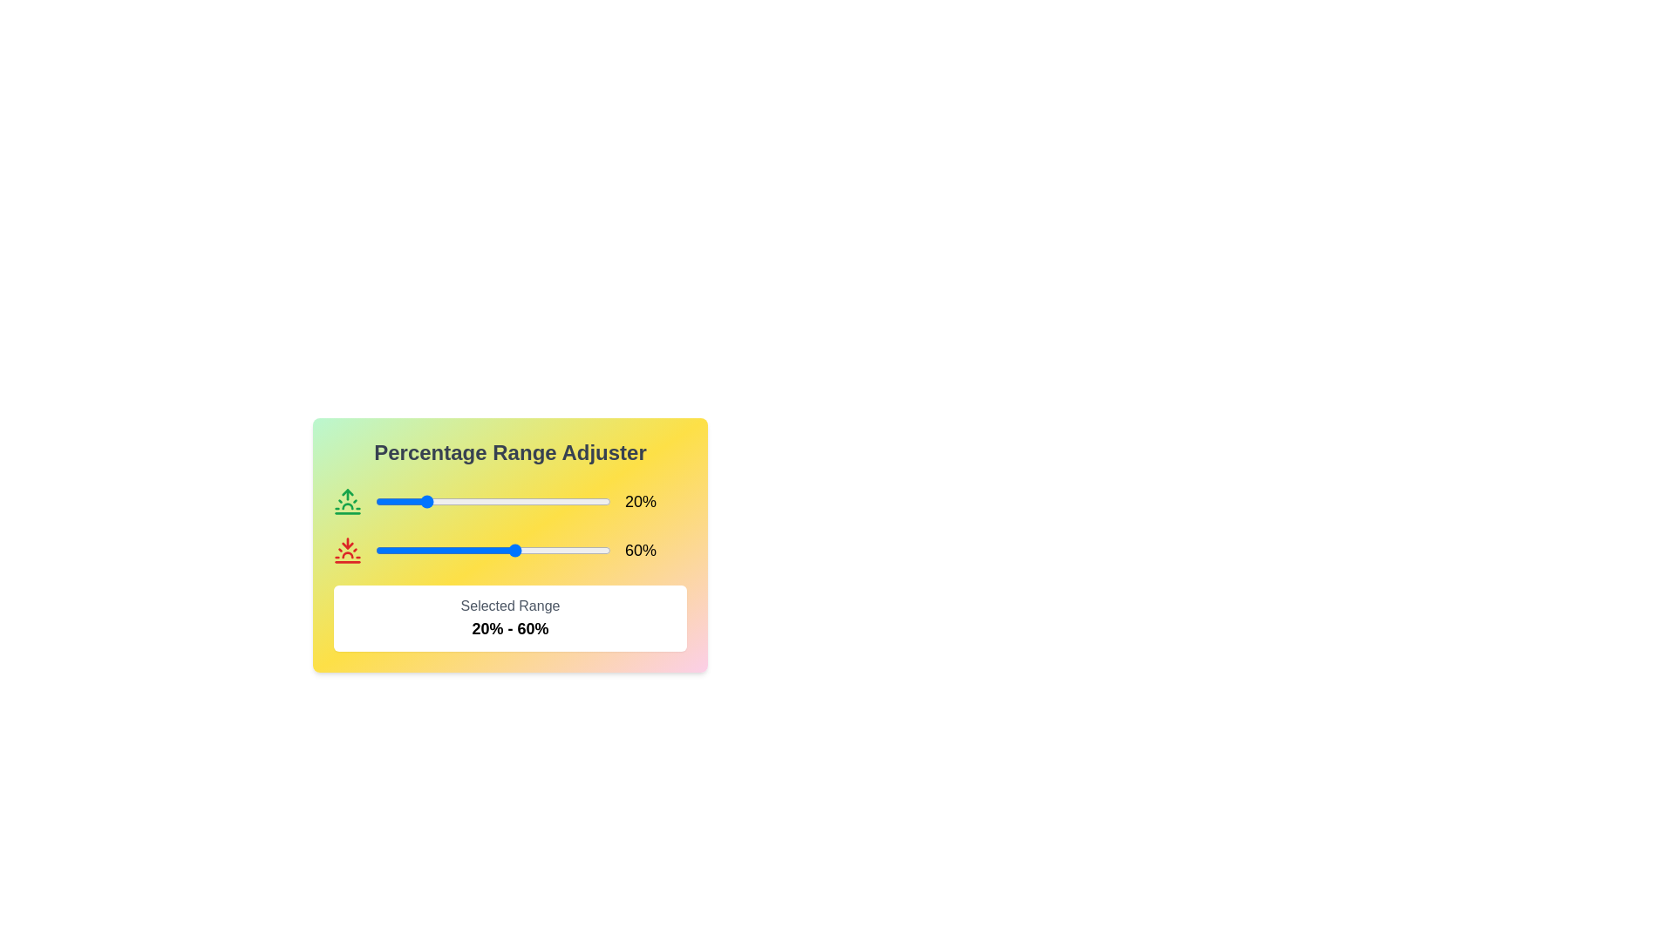  I want to click on the numeric text display element showing '60%' which is located to the right of the second slider in the lower section of the titled panel, so click(639, 551).